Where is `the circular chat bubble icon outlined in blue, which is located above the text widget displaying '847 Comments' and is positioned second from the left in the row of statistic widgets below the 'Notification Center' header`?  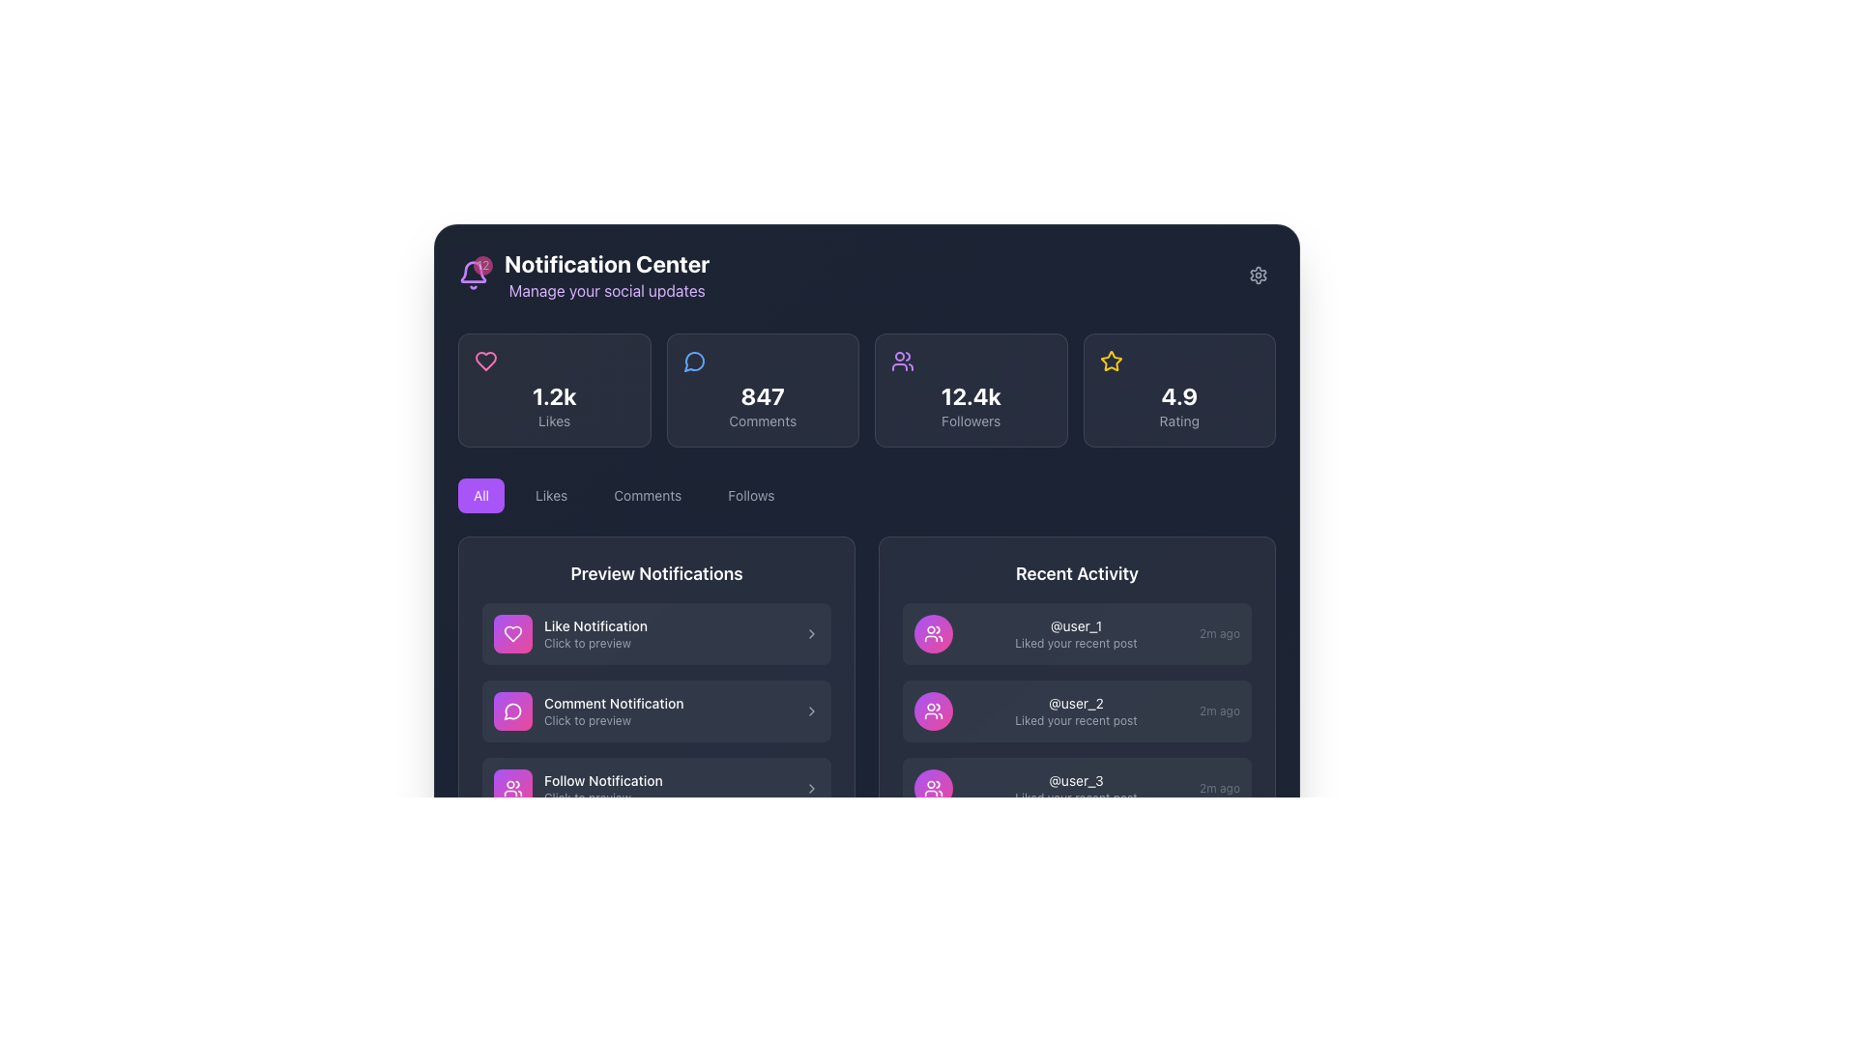
the circular chat bubble icon outlined in blue, which is located above the text widget displaying '847 Comments' and is positioned second from the left in the row of statistic widgets below the 'Notification Center' header is located at coordinates (694, 362).